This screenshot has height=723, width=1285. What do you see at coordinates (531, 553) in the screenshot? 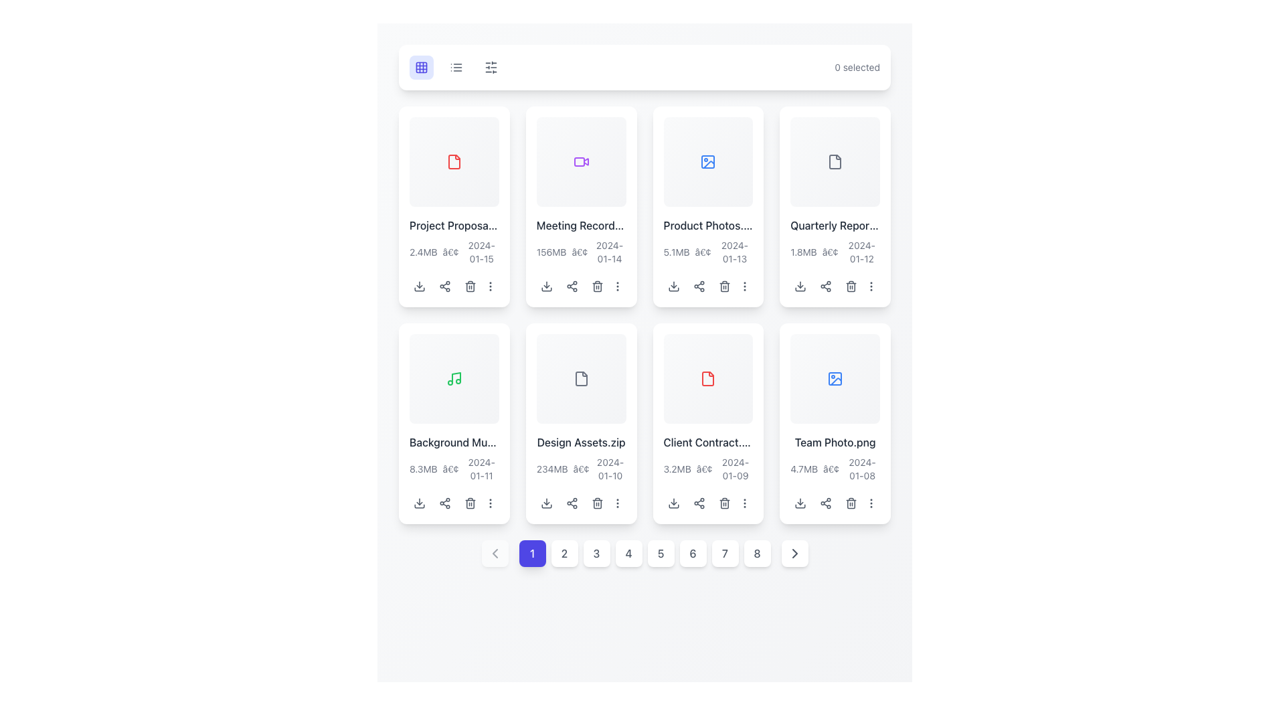
I see `the first navigational button located near the bottom center of the interface` at bounding box center [531, 553].